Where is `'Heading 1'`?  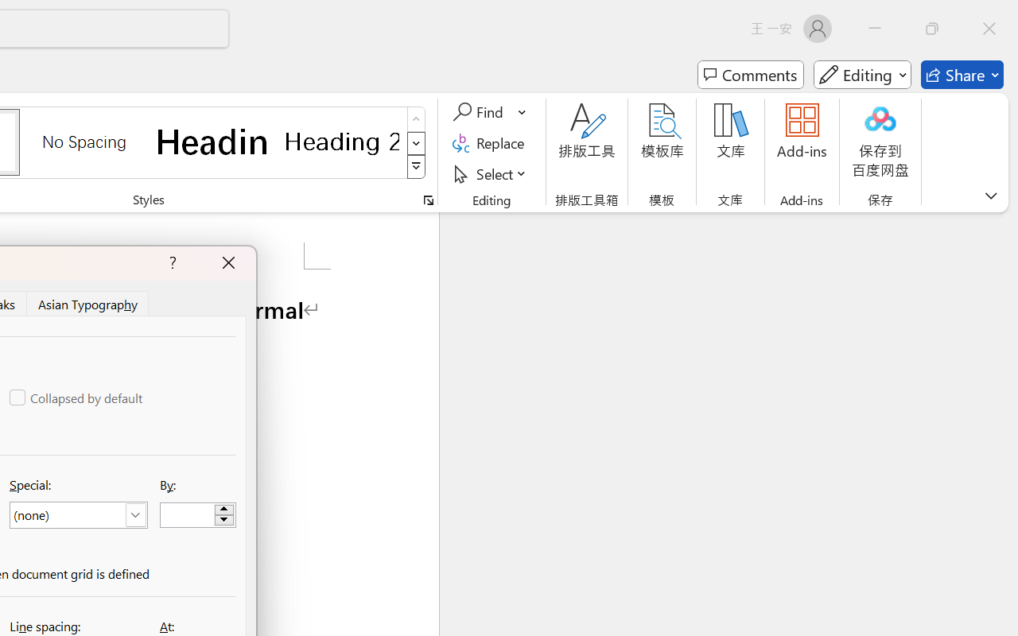 'Heading 1' is located at coordinates (212, 141).